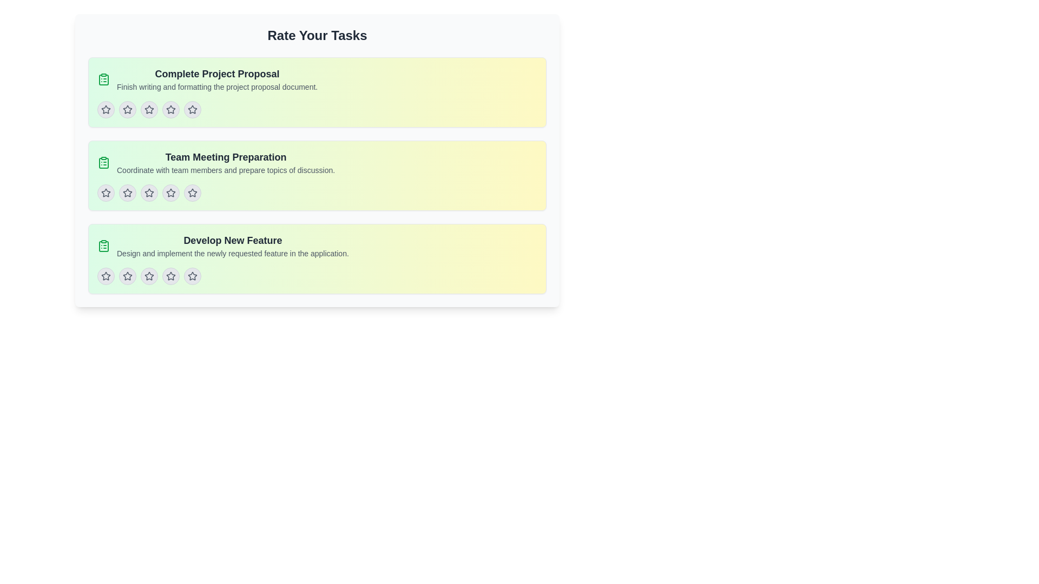 Image resolution: width=1039 pixels, height=584 pixels. I want to click on the third star button in the rating bar of the 'Complete Project Proposal' task card, so click(148, 110).